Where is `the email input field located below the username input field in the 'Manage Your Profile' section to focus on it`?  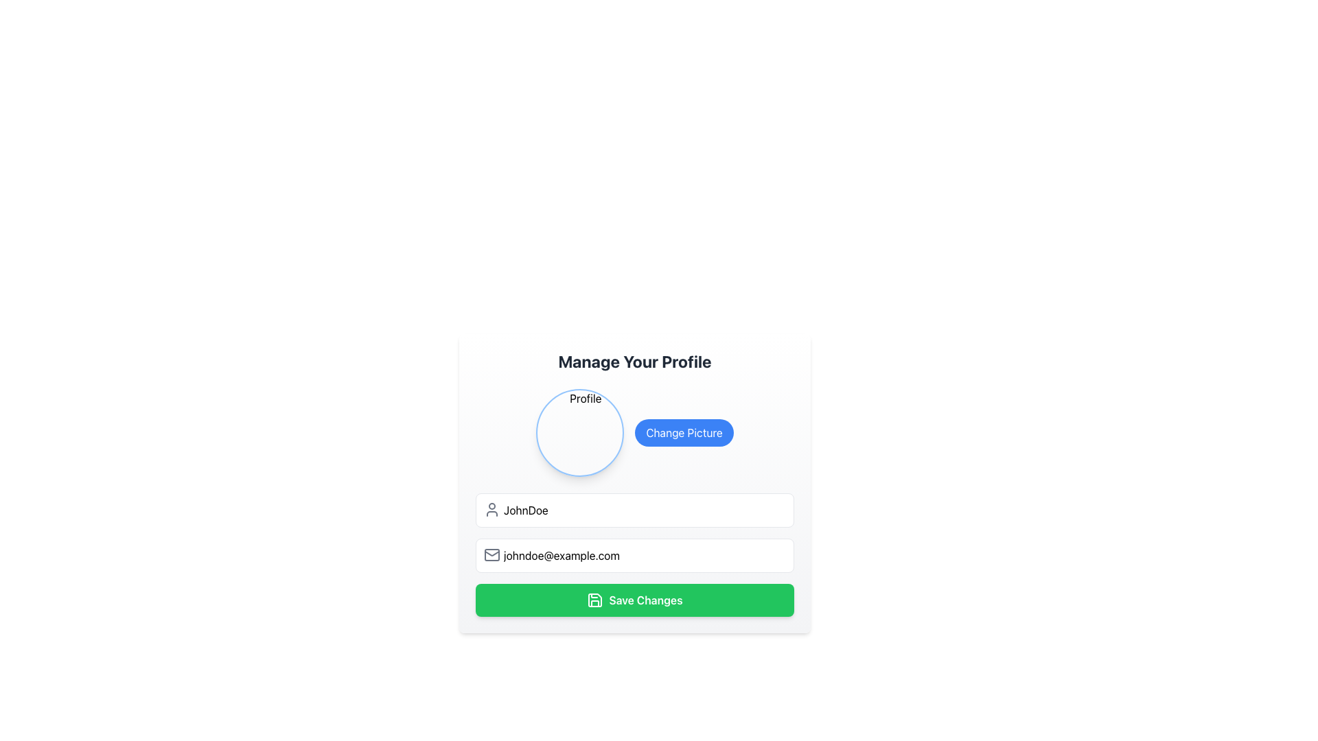
the email input field located below the username input field in the 'Manage Your Profile' section to focus on it is located at coordinates (634, 556).